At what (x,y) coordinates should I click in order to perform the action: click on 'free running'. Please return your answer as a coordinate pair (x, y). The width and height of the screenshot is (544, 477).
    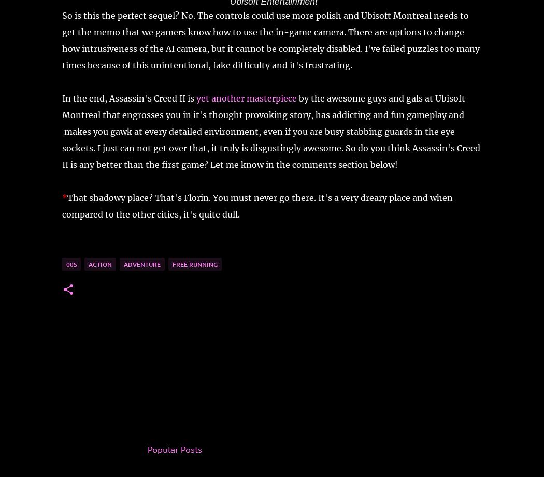
    Looking at the image, I should click on (172, 263).